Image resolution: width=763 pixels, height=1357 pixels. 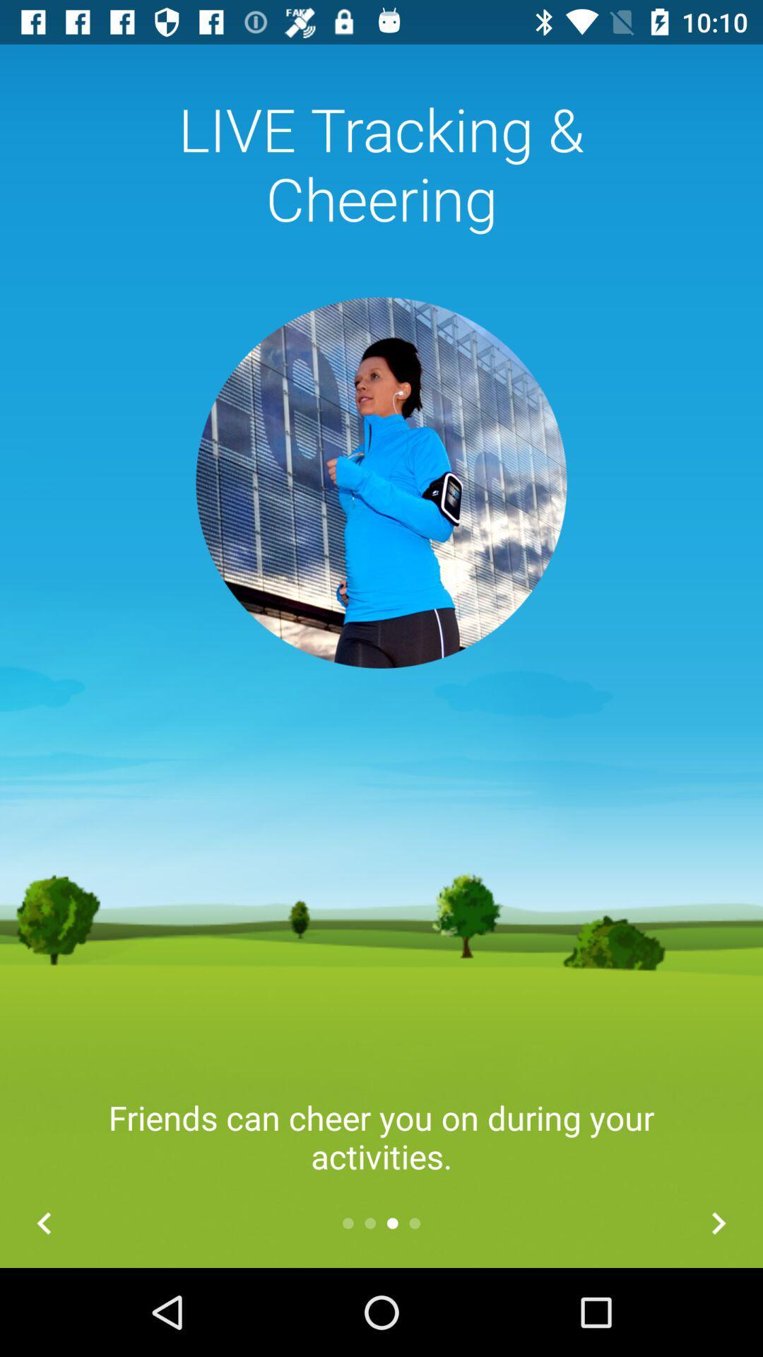 I want to click on the arrow_backward icon, so click(x=43, y=1223).